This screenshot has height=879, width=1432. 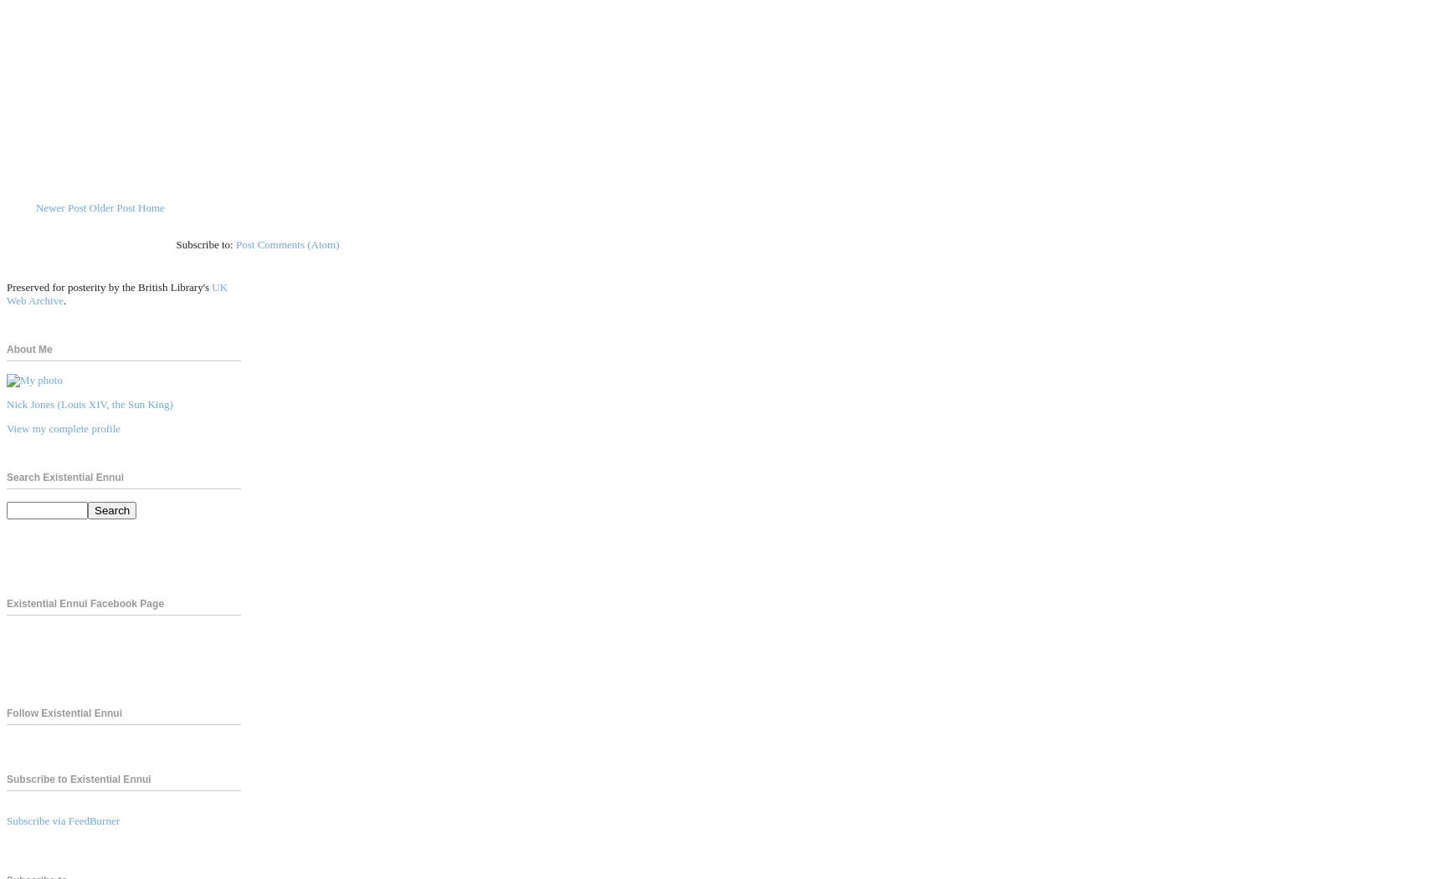 I want to click on 'UK Web Archive', so click(x=115, y=293).